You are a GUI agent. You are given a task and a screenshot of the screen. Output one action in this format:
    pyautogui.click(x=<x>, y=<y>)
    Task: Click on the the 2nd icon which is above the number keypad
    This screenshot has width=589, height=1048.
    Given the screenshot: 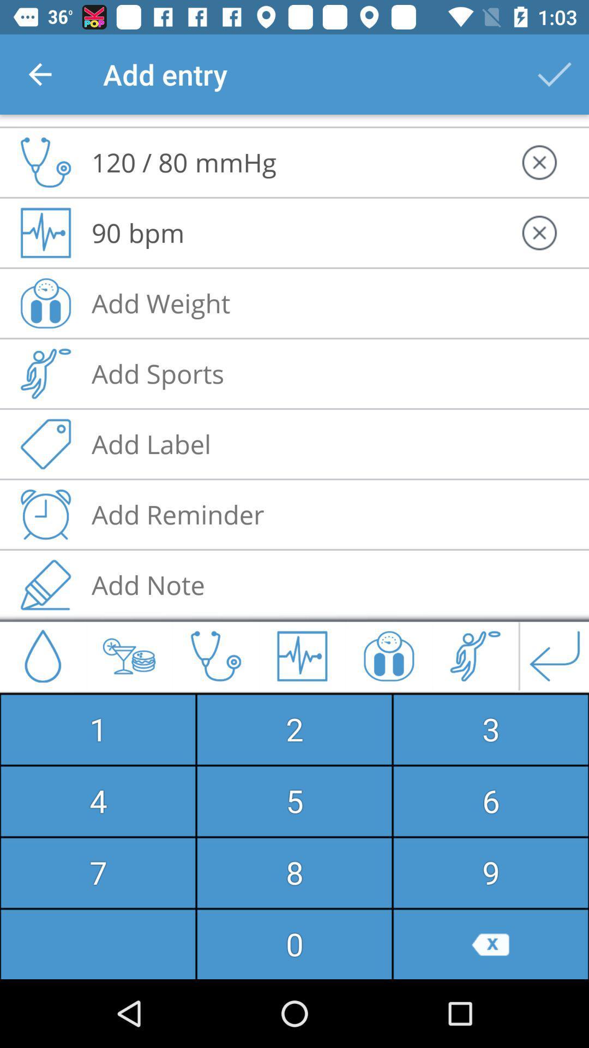 What is the action you would take?
    pyautogui.click(x=128, y=655)
    